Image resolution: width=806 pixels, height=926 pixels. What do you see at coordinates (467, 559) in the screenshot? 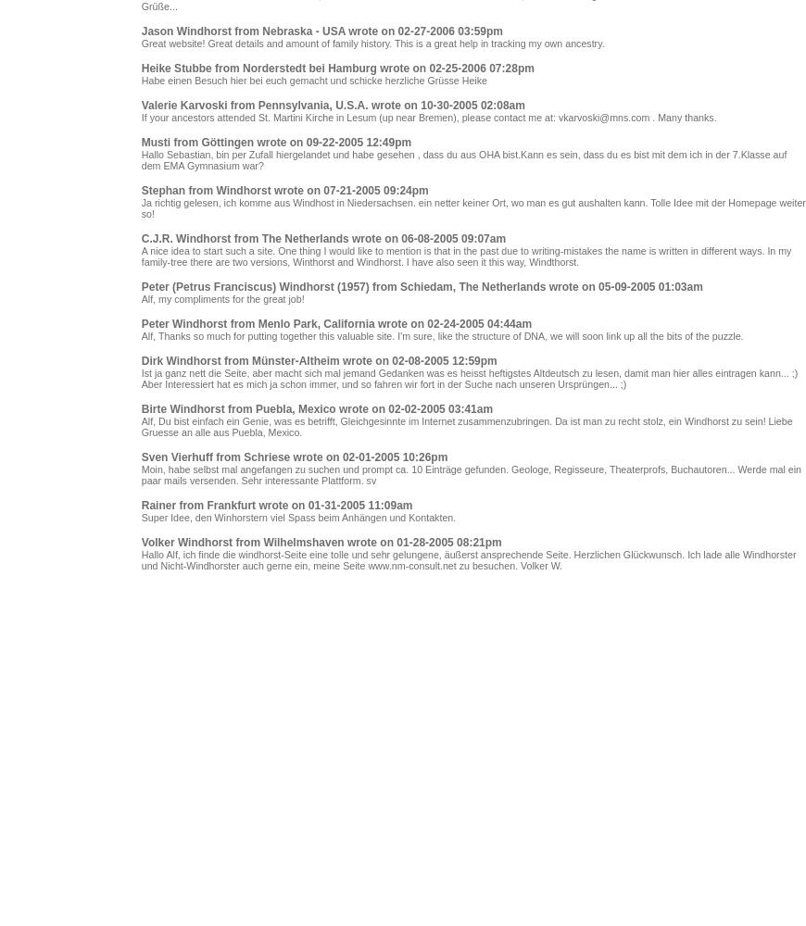
I see `'Hallo Alf, ich finde die windhorst-Seite eine tolle und sehr gelungene, äußerst ansprechende Seite. Herzlichen Glückwunsch.

Ich lade alle Windhorster und Nicht-Windhorster auch gerne ein, meine Seite www.nm-consult.net zu besuchen.

Volker W.'` at bounding box center [467, 559].